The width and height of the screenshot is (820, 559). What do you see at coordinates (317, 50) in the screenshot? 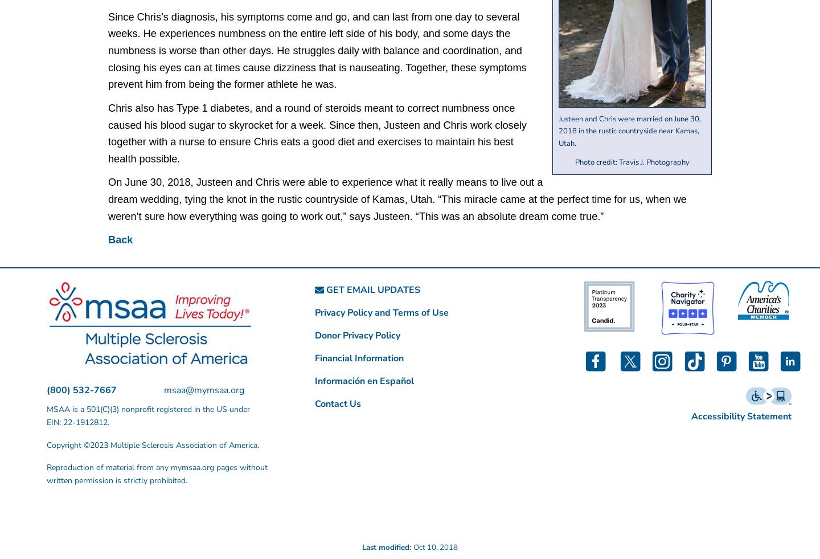
I see `'Since Chris’s diagnosis, his symptoms come and go, and can last from one day to several weeks. He experiences numbness on the entire left side of his body, and some days the numbness is worse than other days. He struggles daily with balance and coordination, and closing his eyes can at times cause dizziness that is nauseating. Together, these symptoms prevent him from being the former athlete he was.'` at bounding box center [317, 50].